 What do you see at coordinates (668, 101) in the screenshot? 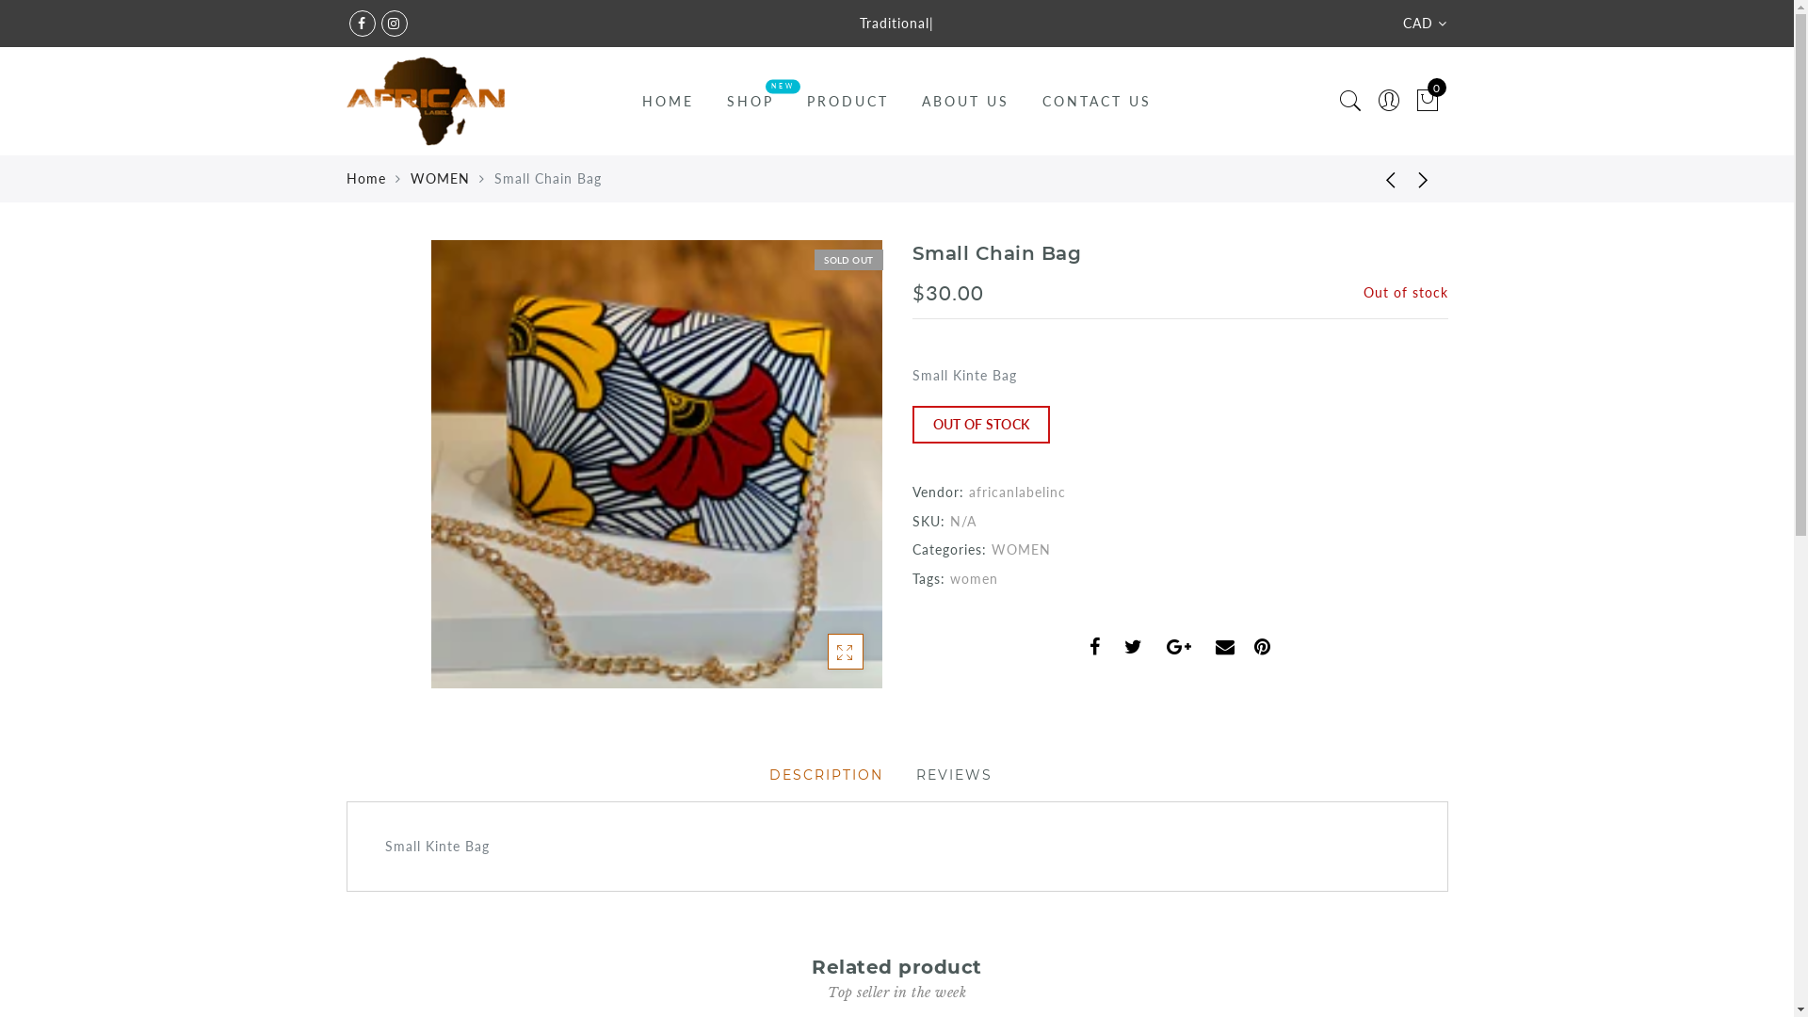
I see `'HOME'` at bounding box center [668, 101].